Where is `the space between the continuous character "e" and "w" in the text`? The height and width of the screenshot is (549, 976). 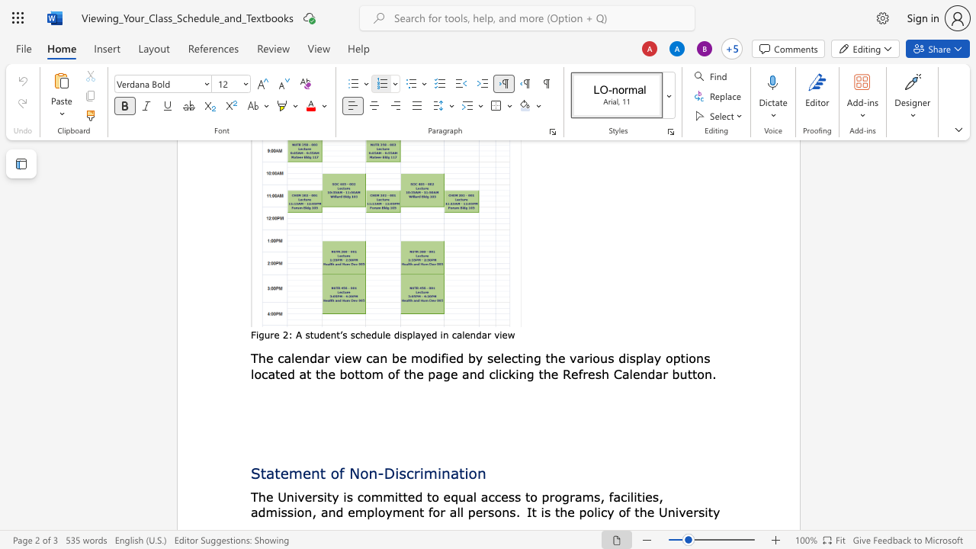
the space between the continuous character "e" and "w" in the text is located at coordinates (352, 358).